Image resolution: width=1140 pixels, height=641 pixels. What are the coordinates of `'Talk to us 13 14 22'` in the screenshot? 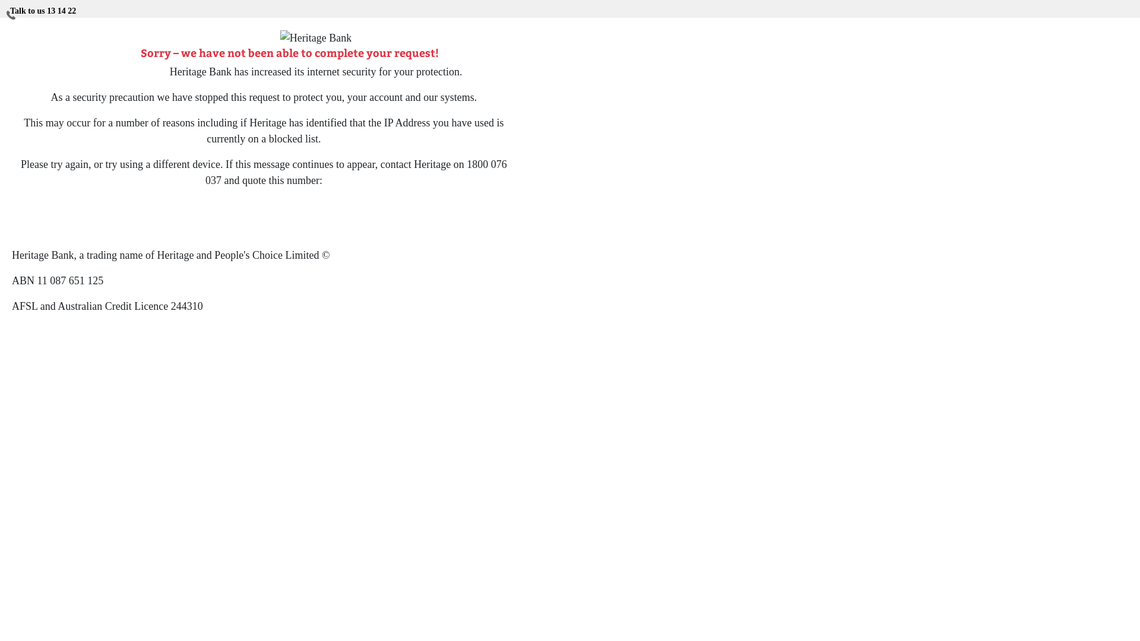 It's located at (43, 8).